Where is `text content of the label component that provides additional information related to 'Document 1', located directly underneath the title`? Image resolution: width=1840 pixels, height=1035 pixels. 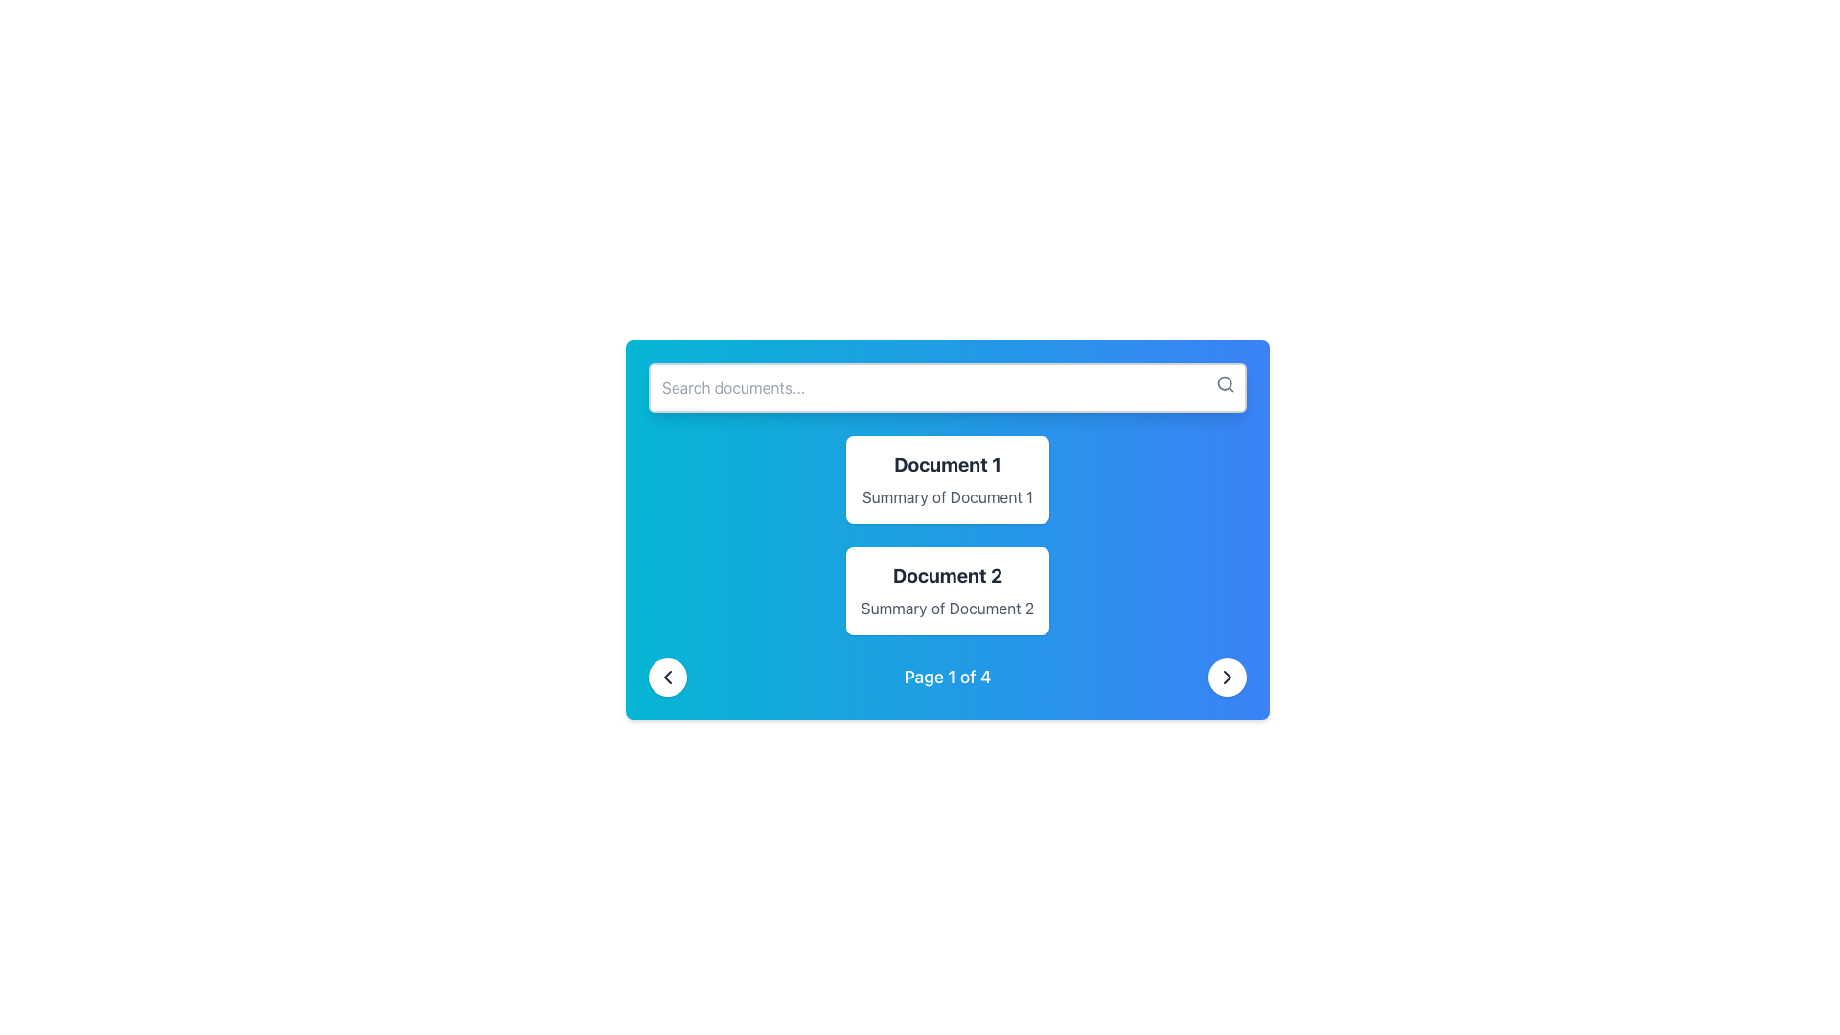 text content of the label component that provides additional information related to 'Document 1', located directly underneath the title is located at coordinates (947, 496).